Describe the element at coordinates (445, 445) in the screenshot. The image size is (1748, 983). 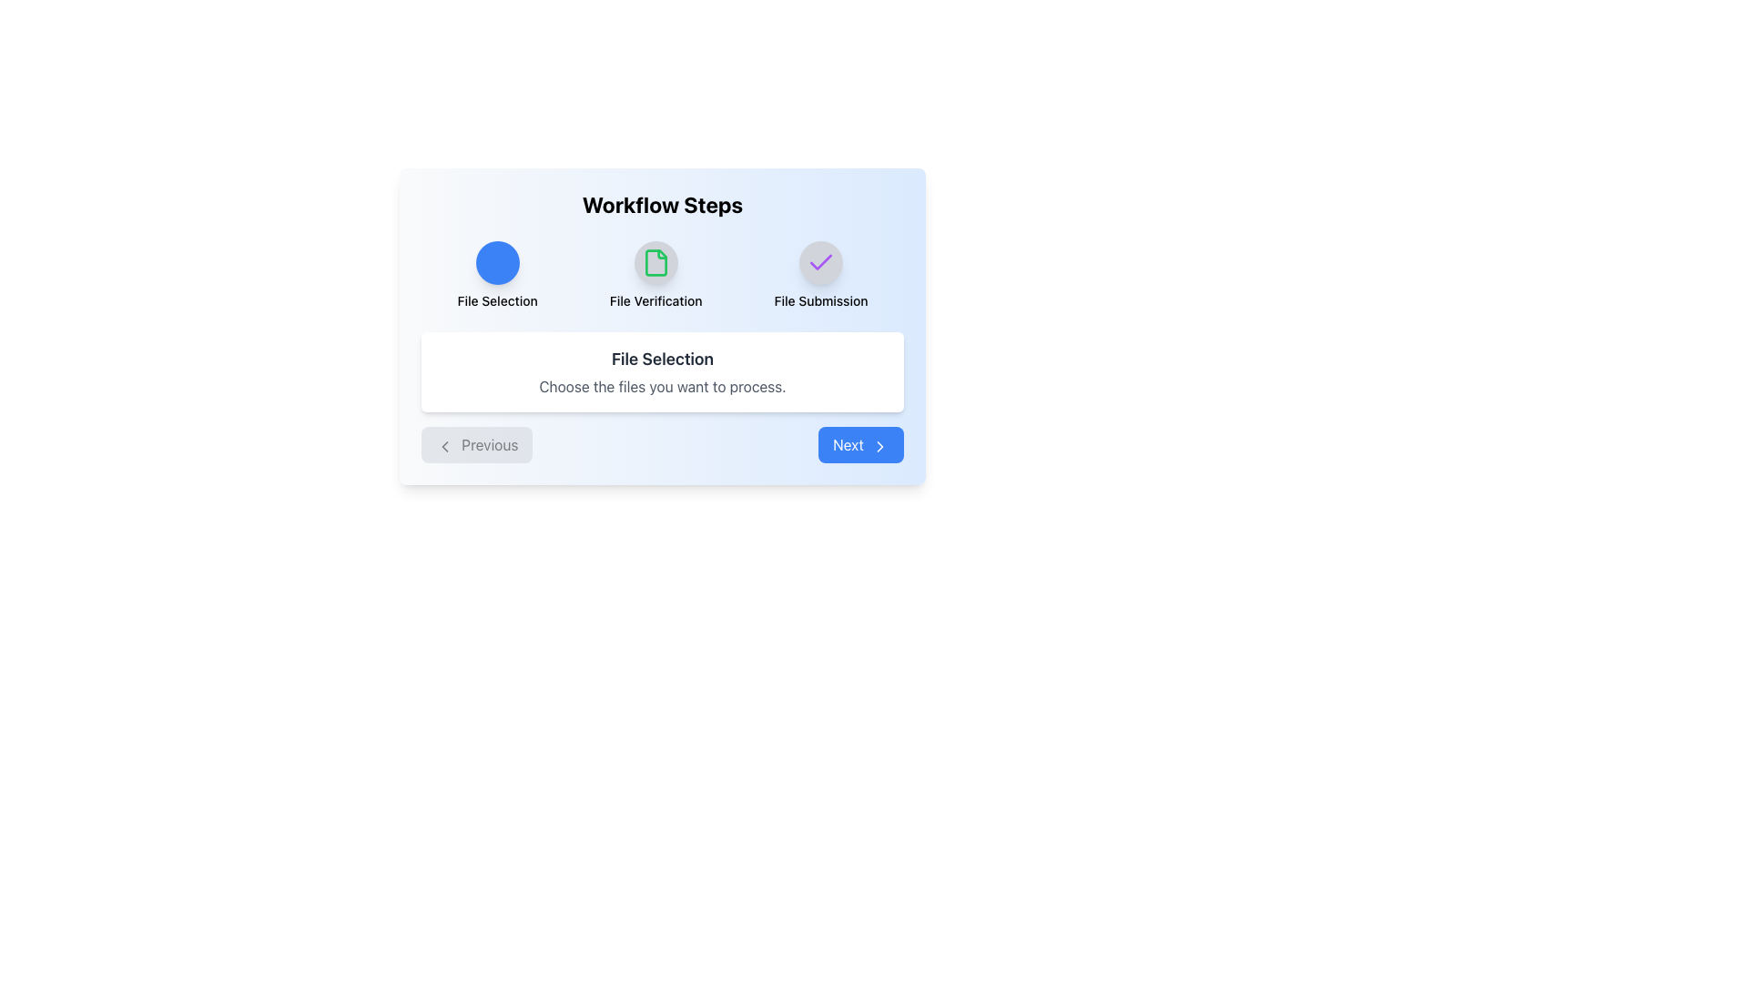
I see `the left-pointing chevron arrow icon for the 'Previous' button, which indicates backward navigation in the sequence` at that location.